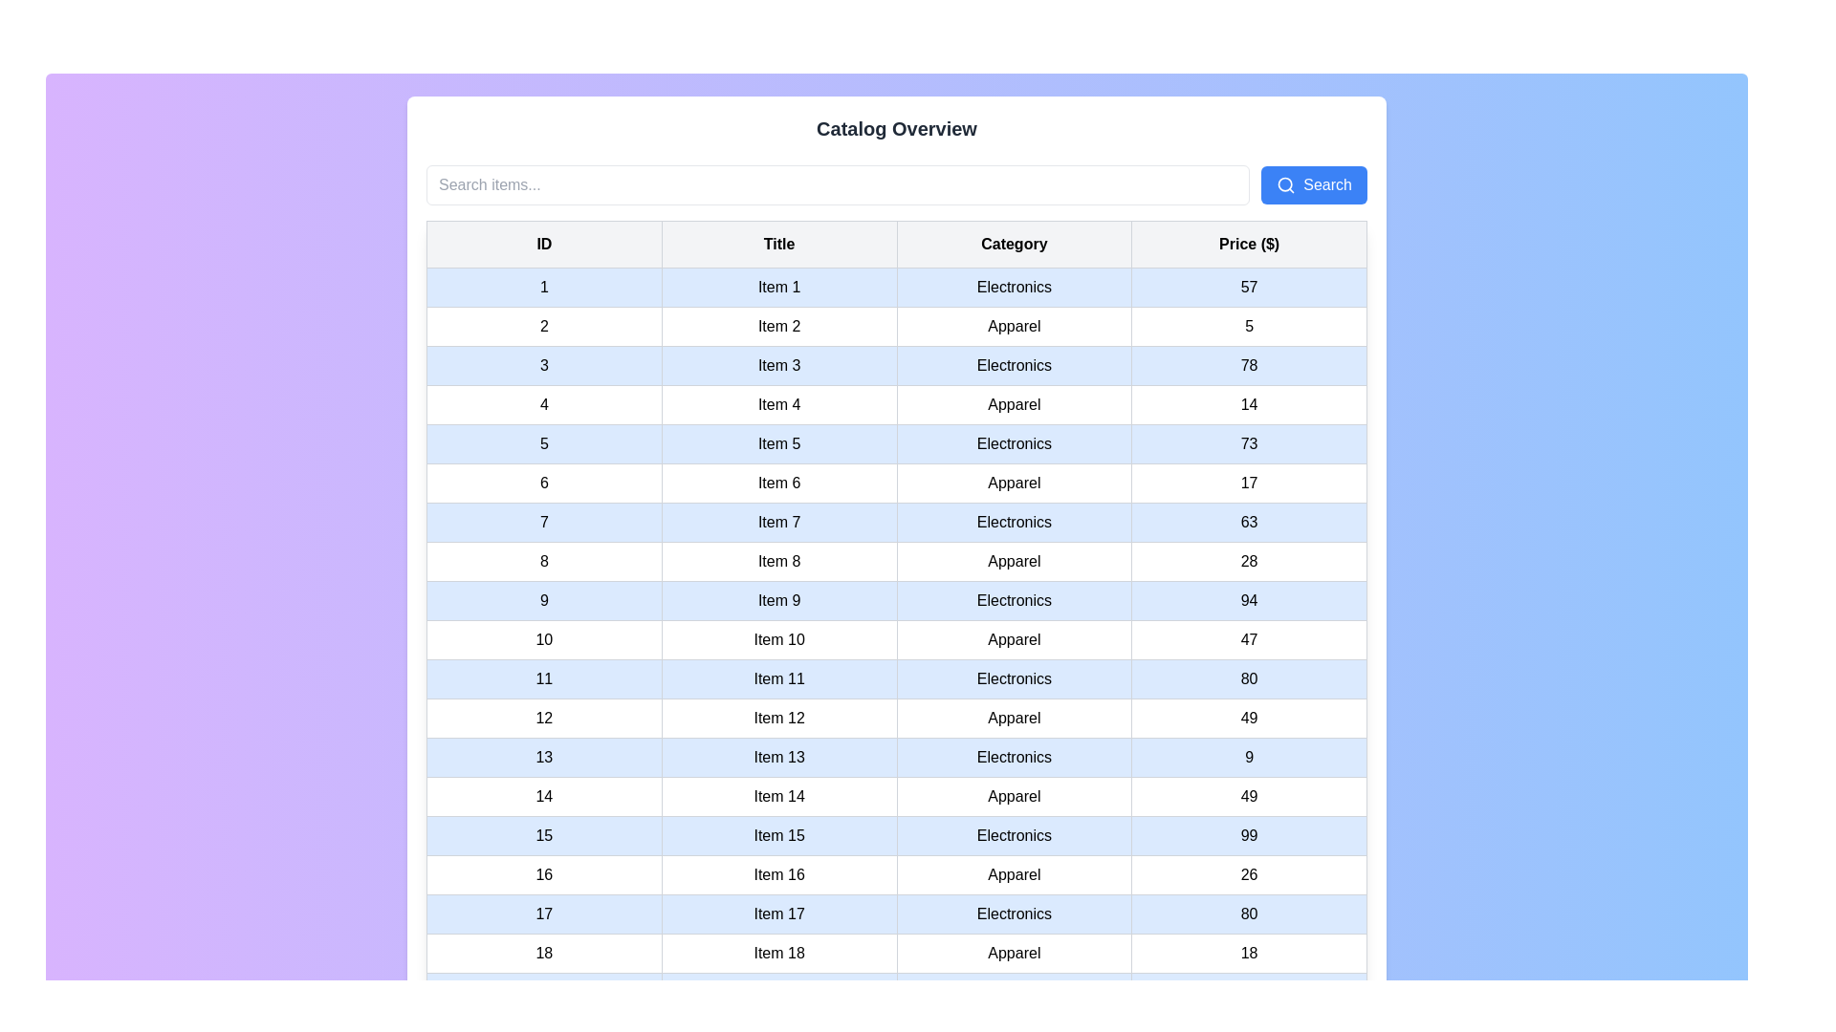 Image resolution: width=1836 pixels, height=1032 pixels. What do you see at coordinates (1249, 913) in the screenshot?
I see `the text display field showing the price value of 'Item 17' in the fourth cell of the row labeled '17' in the table` at bounding box center [1249, 913].